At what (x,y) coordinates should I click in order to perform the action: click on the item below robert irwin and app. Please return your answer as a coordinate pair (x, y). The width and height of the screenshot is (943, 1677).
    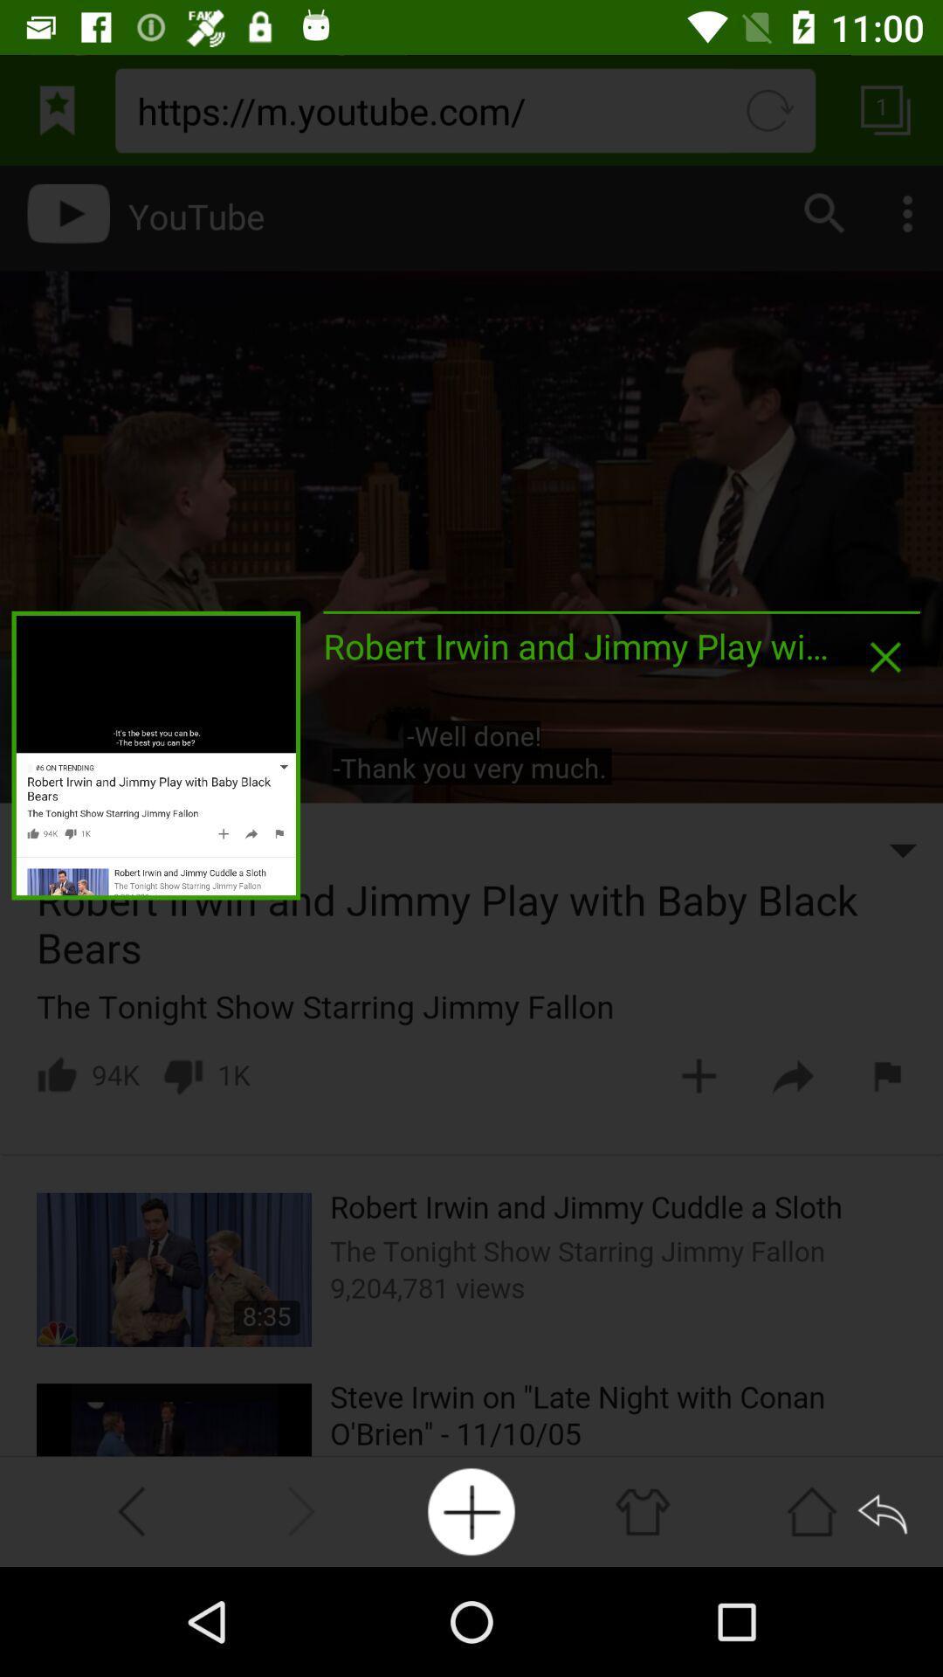
    Looking at the image, I should click on (471, 1511).